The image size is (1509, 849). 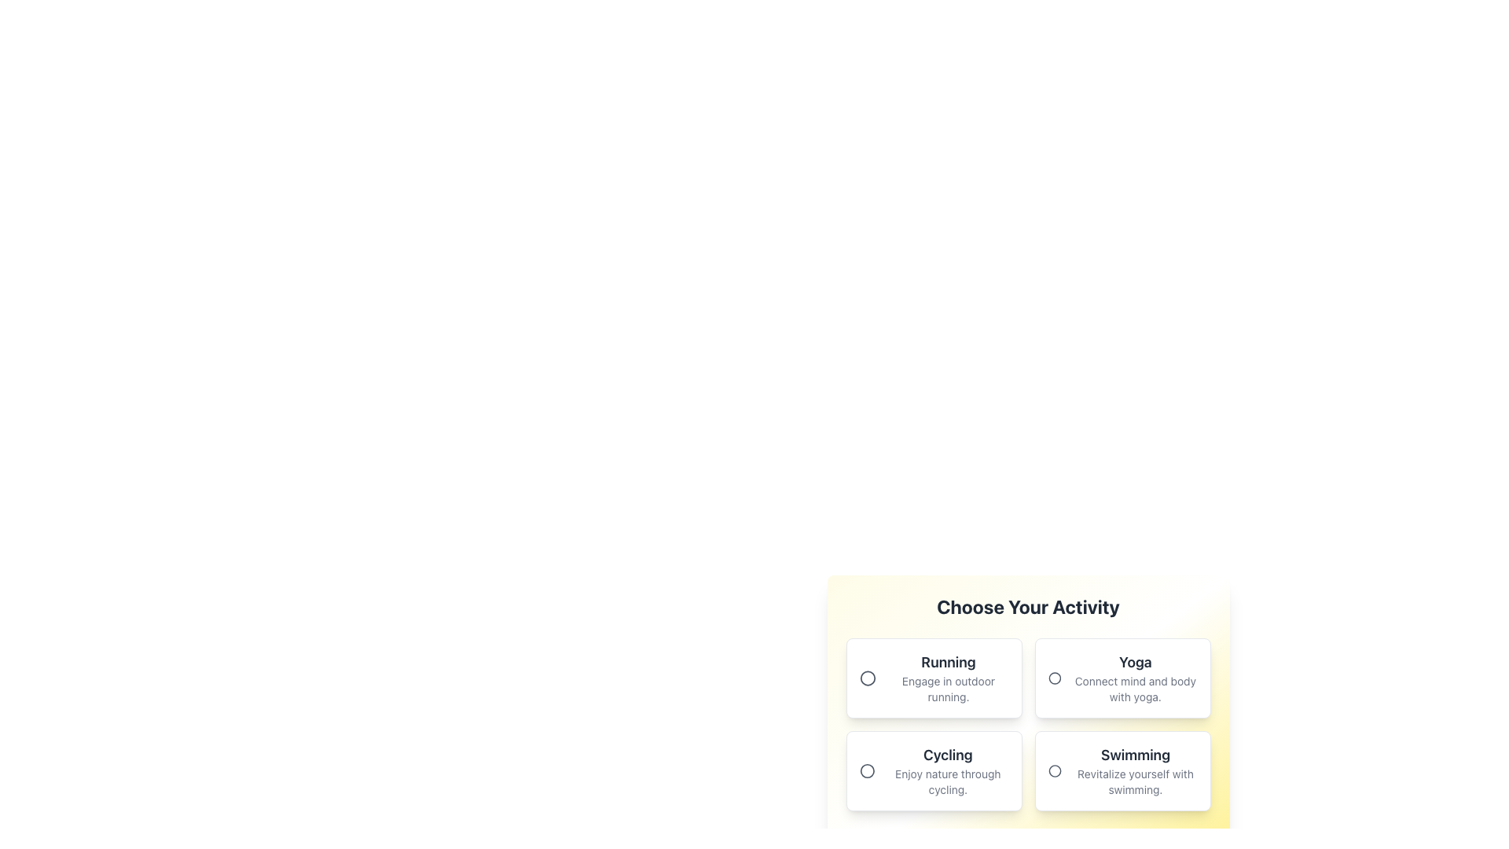 What do you see at coordinates (866, 770) in the screenshot?
I see `the radio button` at bounding box center [866, 770].